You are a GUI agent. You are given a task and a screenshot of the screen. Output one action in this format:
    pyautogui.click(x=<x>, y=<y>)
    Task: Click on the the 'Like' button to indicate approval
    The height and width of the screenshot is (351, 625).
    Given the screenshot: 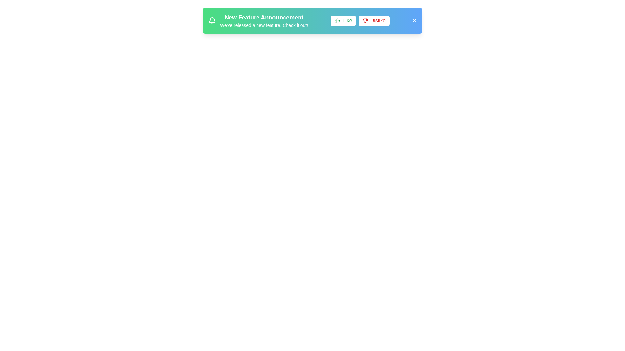 What is the action you would take?
    pyautogui.click(x=343, y=20)
    